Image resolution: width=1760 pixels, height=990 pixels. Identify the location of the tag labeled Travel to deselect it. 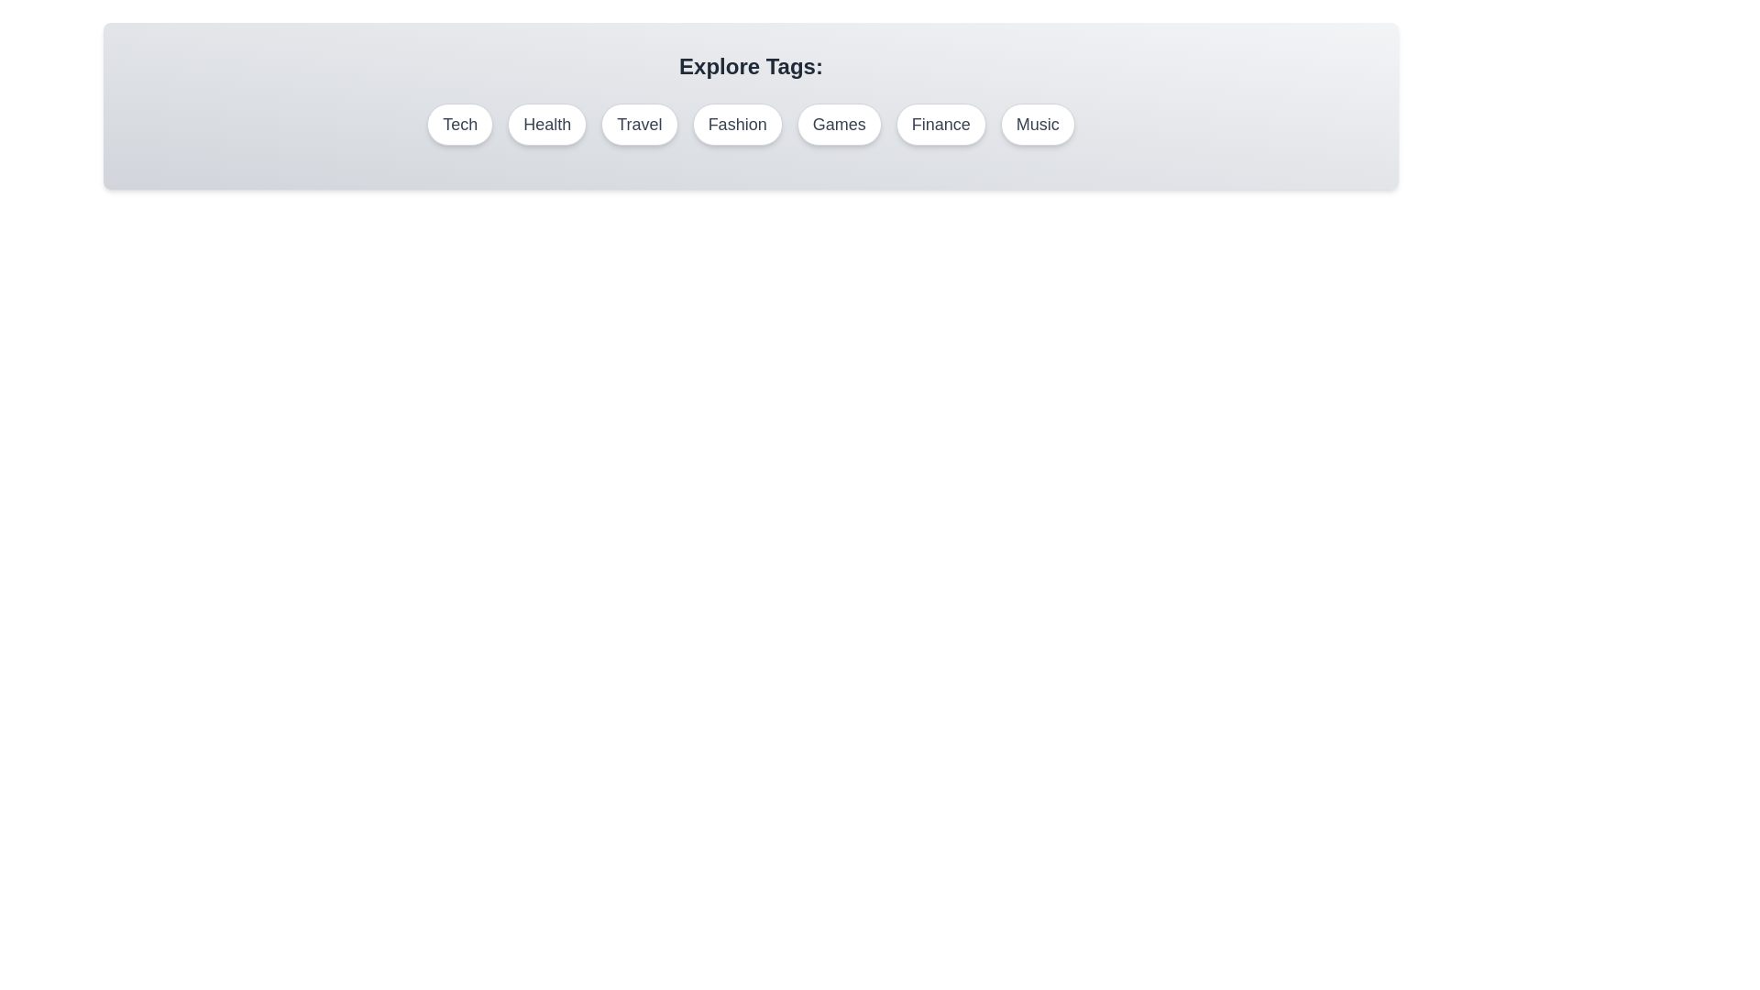
(639, 124).